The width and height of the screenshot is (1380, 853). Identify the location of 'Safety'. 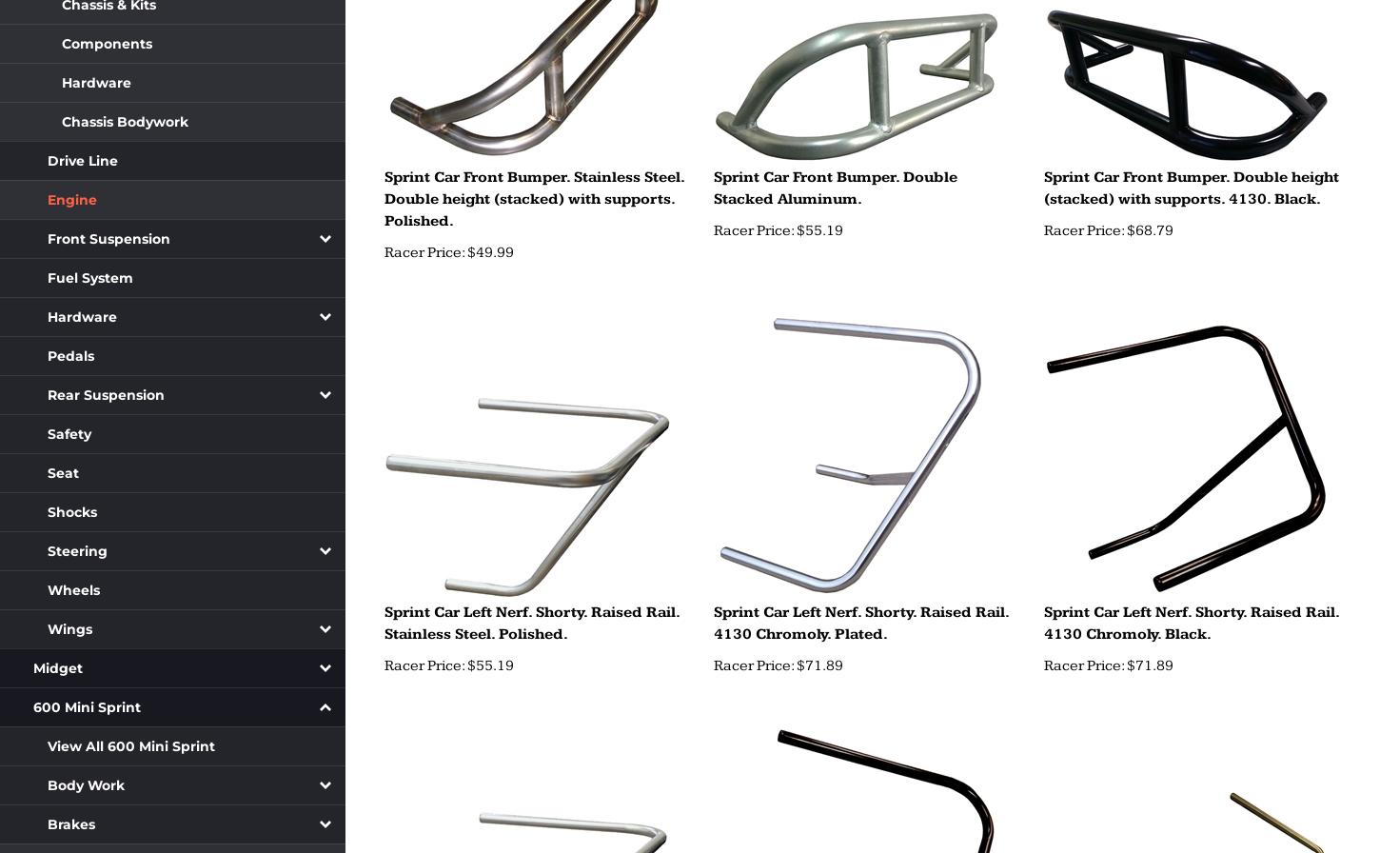
(69, 433).